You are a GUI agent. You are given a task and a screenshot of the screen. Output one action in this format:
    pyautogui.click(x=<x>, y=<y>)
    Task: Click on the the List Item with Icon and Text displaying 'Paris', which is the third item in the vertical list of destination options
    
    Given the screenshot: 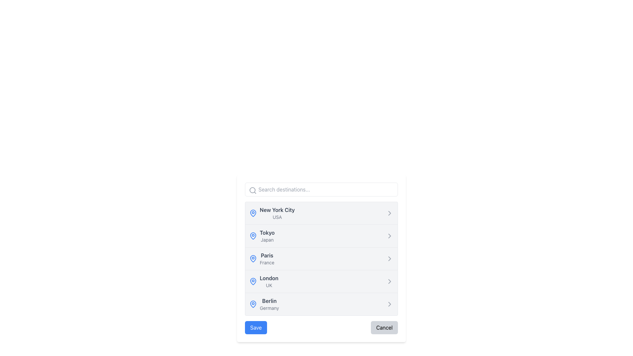 What is the action you would take?
    pyautogui.click(x=261, y=258)
    